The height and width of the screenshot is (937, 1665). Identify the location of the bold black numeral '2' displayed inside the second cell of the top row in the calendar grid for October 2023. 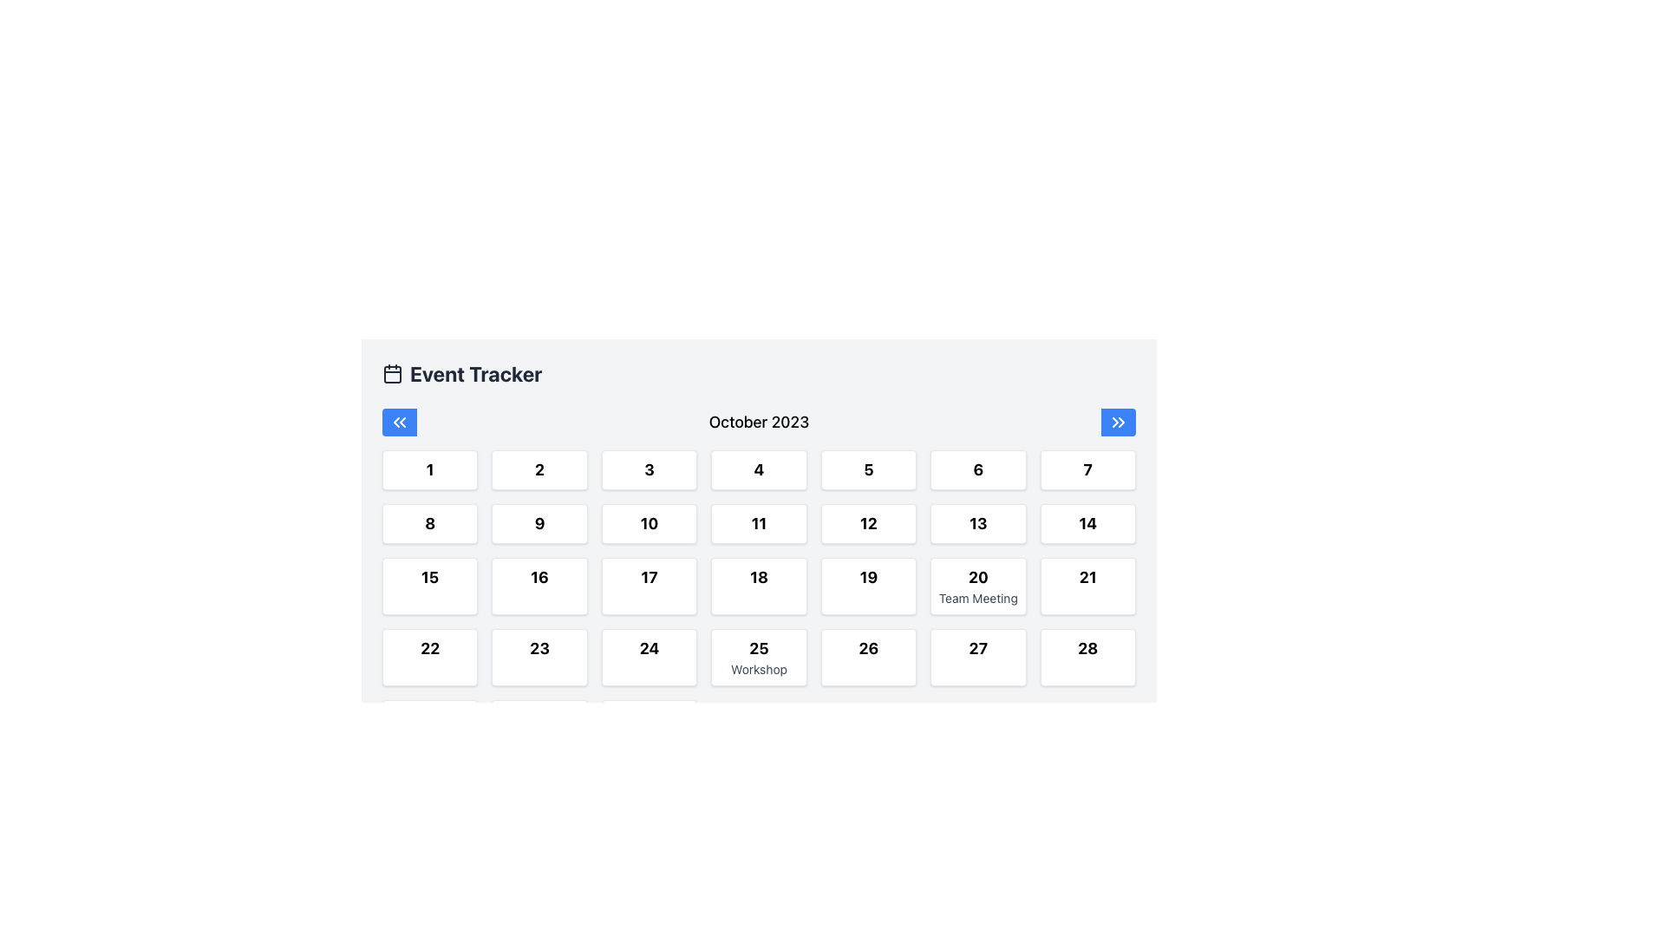
(539, 470).